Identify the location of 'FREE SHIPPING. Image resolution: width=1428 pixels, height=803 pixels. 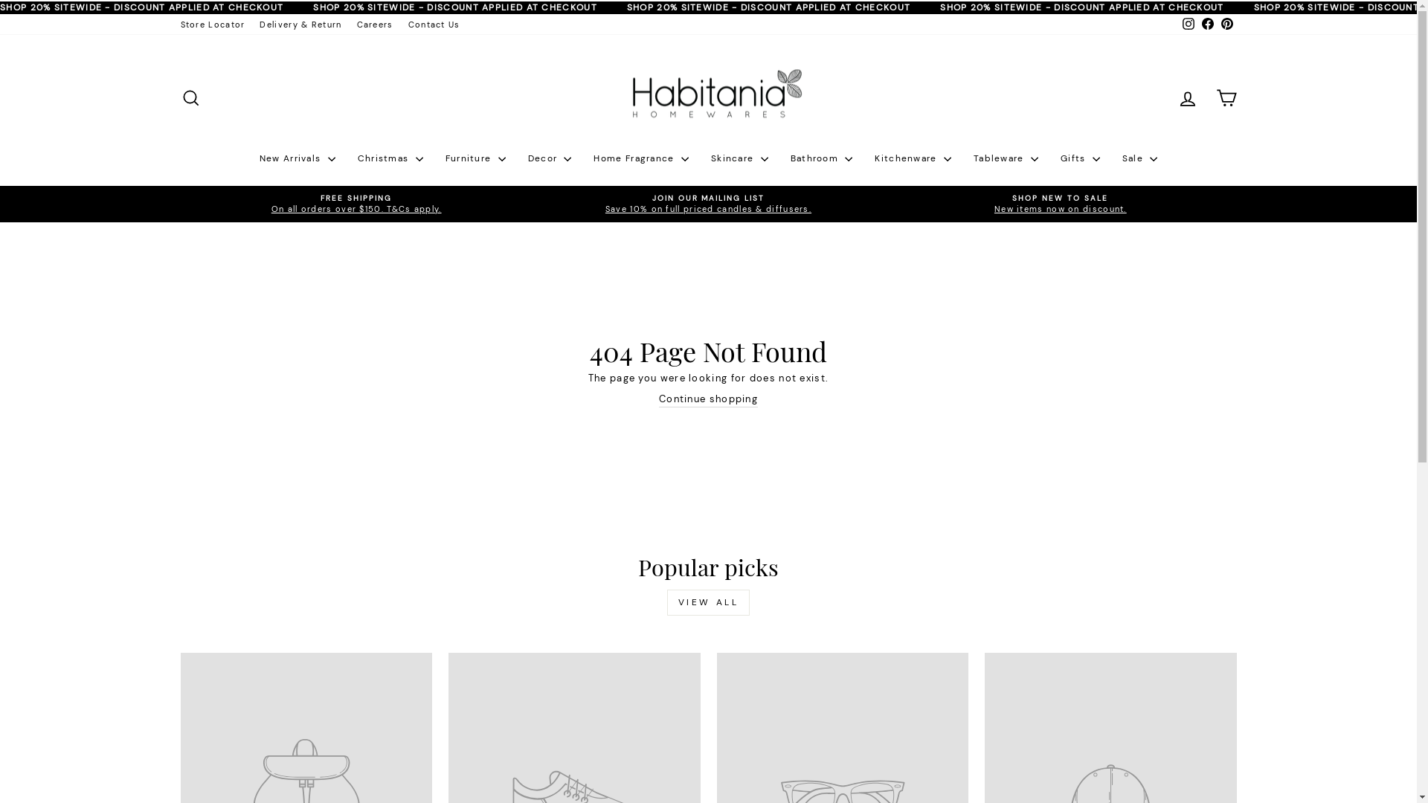
(356, 204).